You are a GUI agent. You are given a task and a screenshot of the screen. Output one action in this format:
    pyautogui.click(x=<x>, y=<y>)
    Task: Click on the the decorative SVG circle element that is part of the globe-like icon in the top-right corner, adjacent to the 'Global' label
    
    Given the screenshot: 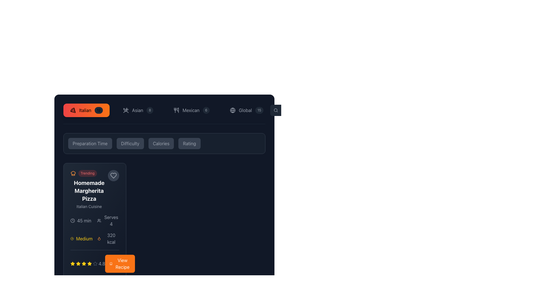 What is the action you would take?
    pyautogui.click(x=232, y=110)
    